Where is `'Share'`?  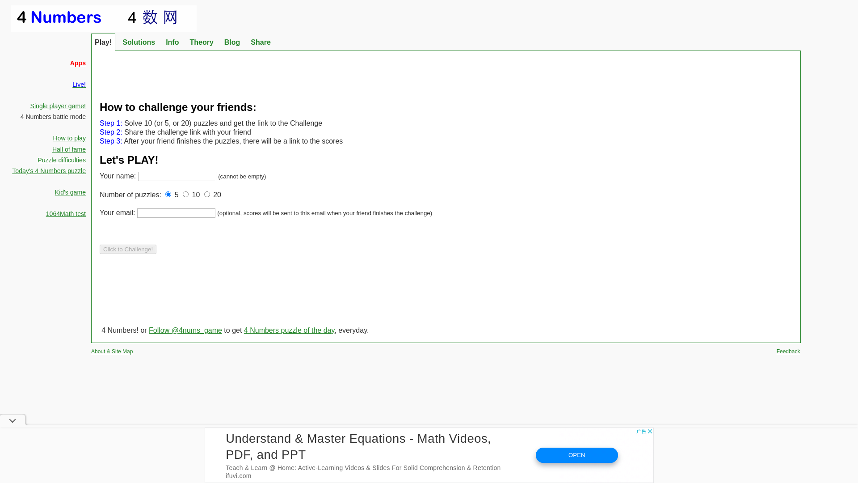 'Share' is located at coordinates (260, 42).